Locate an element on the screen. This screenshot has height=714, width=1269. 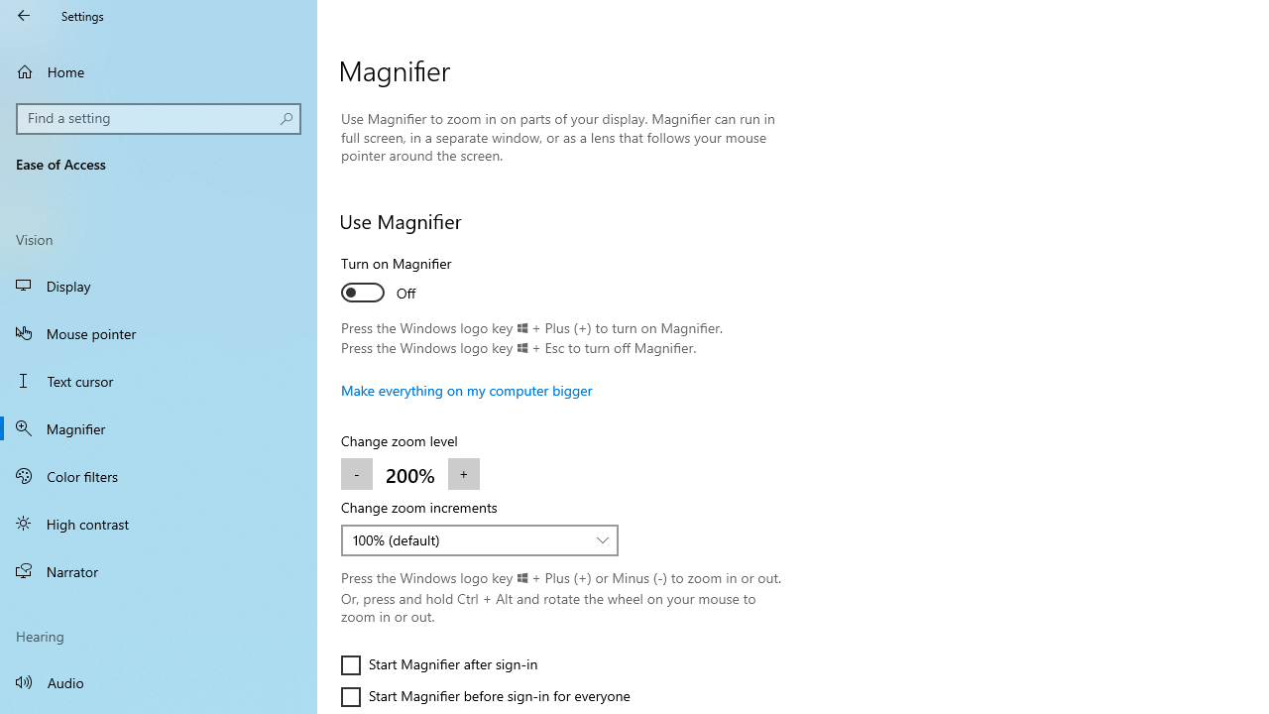
'Zoom in' is located at coordinates (462, 474).